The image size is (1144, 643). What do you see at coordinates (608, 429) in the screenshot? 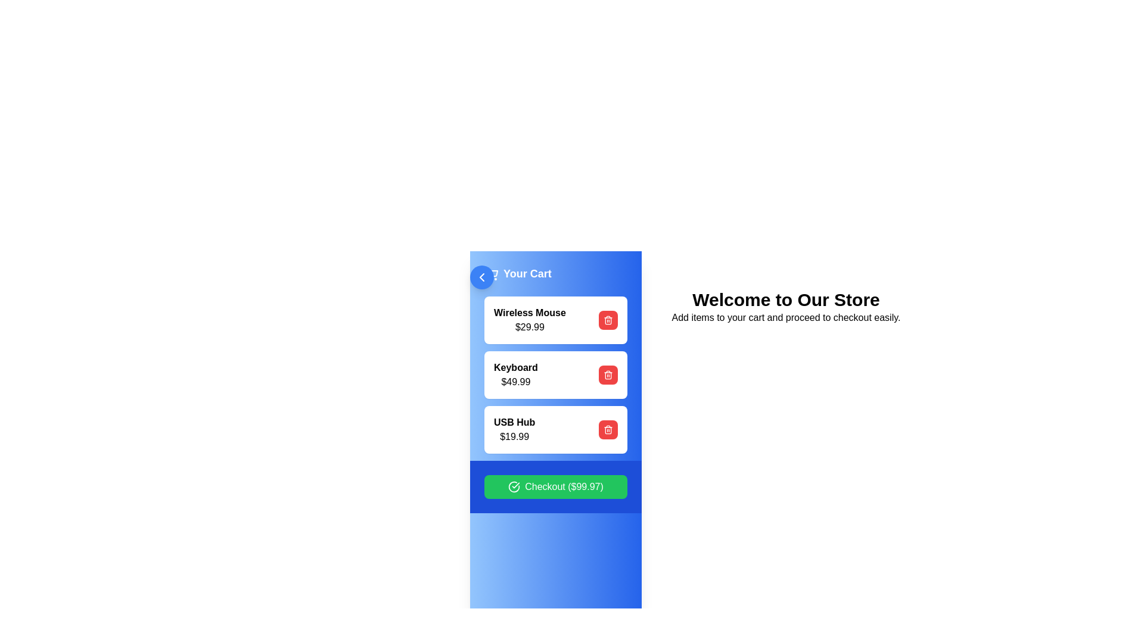
I see `the red rounded button with a trash can icon located to the right of the 'USB Hub $19.99' item in the cart panel` at bounding box center [608, 429].